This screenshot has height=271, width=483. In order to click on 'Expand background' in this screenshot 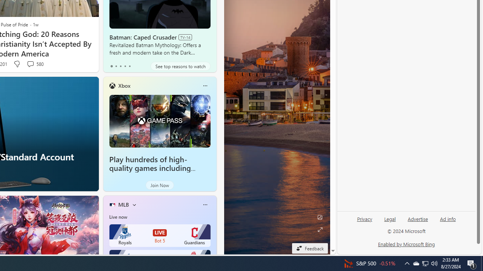, I will do `click(320, 229)`.